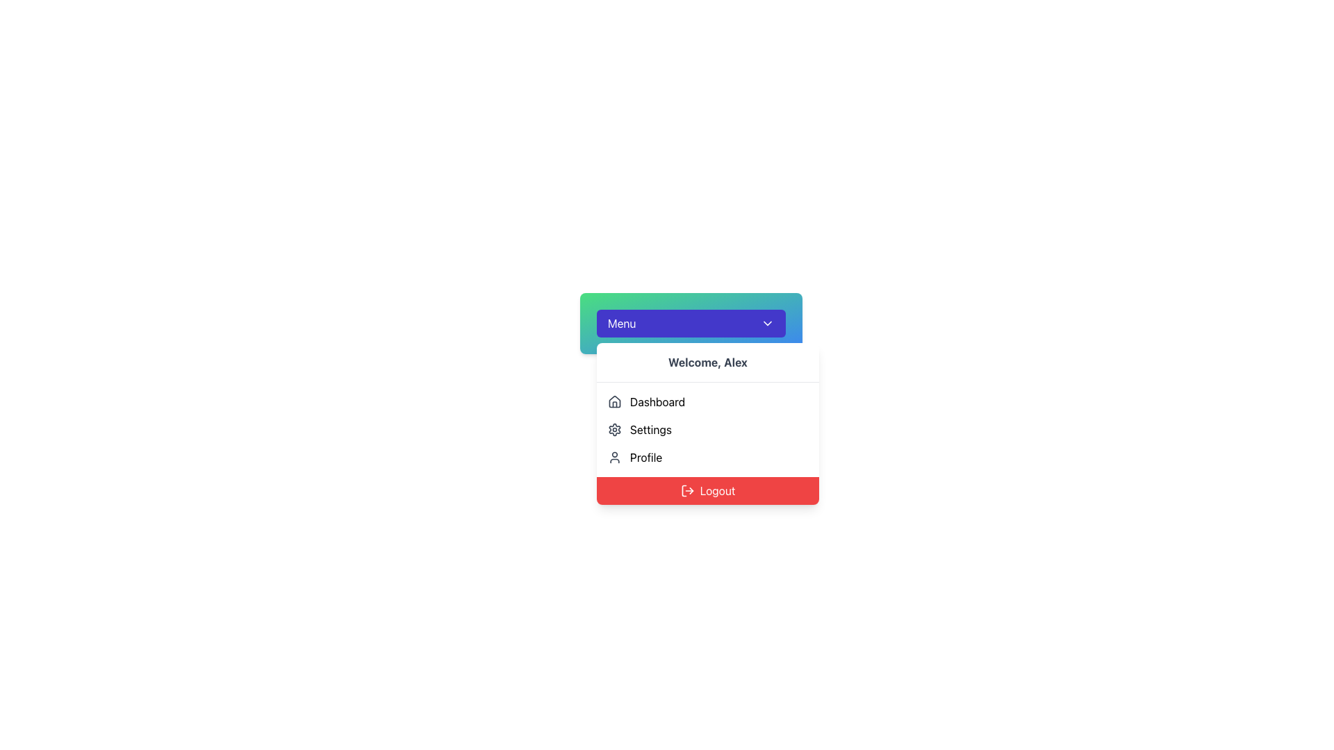 This screenshot has width=1334, height=750. Describe the element at coordinates (707, 428) in the screenshot. I see `the settings button located between the 'Dashboard' and 'Profile' items in the vertical menu list to select it` at that location.